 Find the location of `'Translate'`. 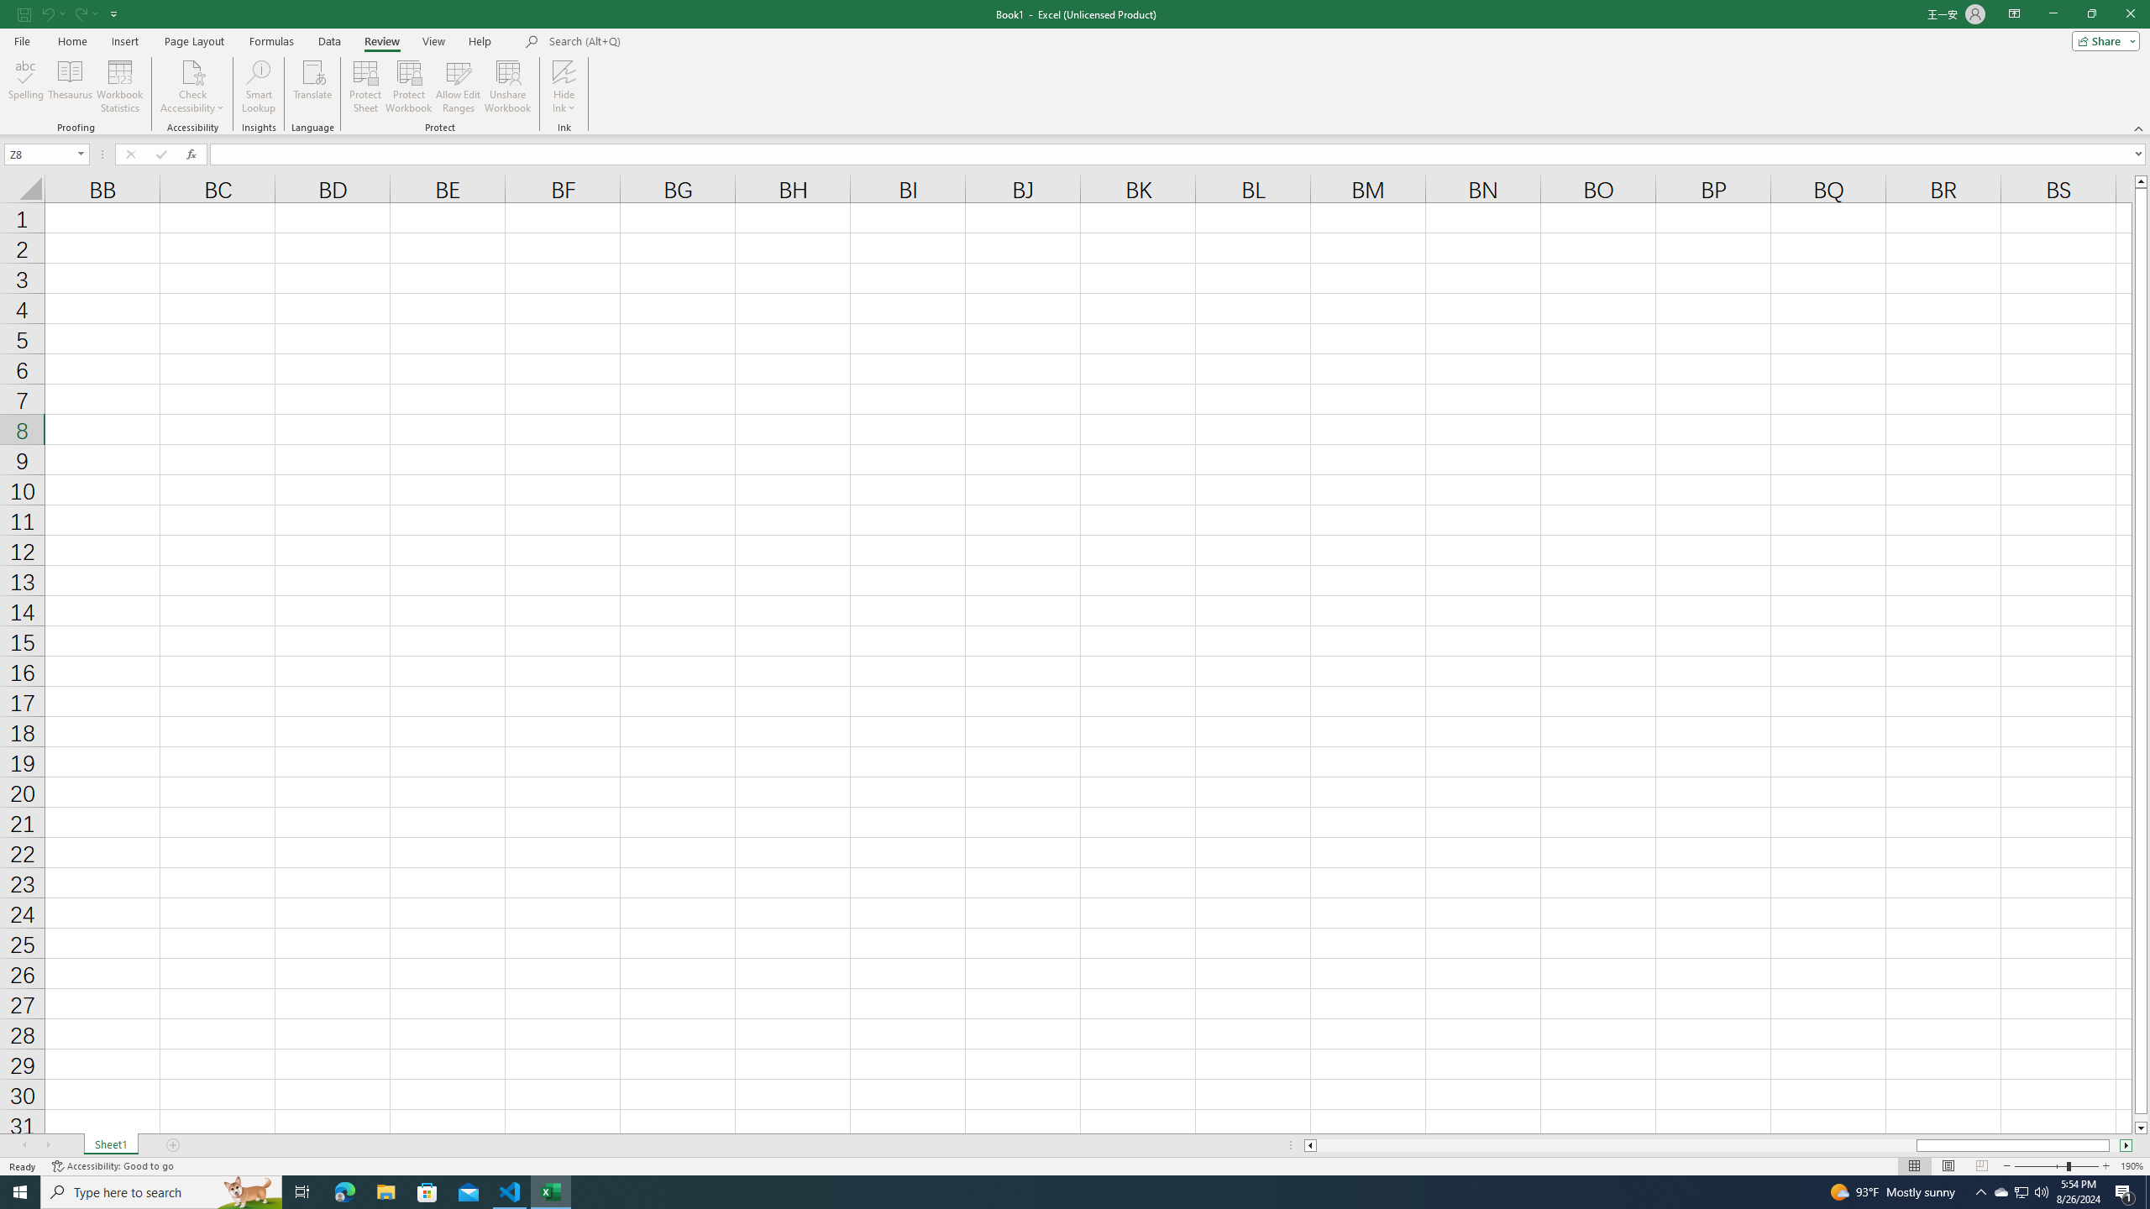

'Translate' is located at coordinates (312, 86).